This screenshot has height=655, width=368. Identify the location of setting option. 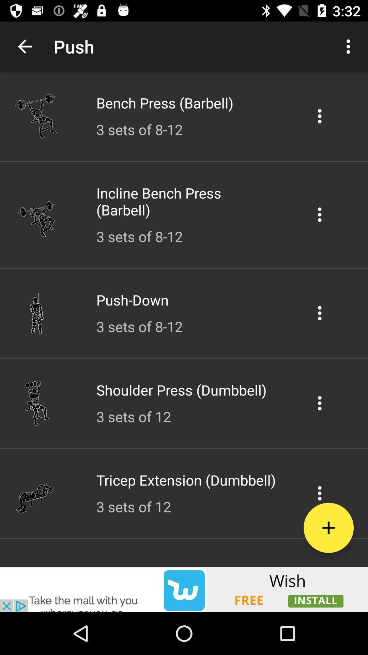
(320, 214).